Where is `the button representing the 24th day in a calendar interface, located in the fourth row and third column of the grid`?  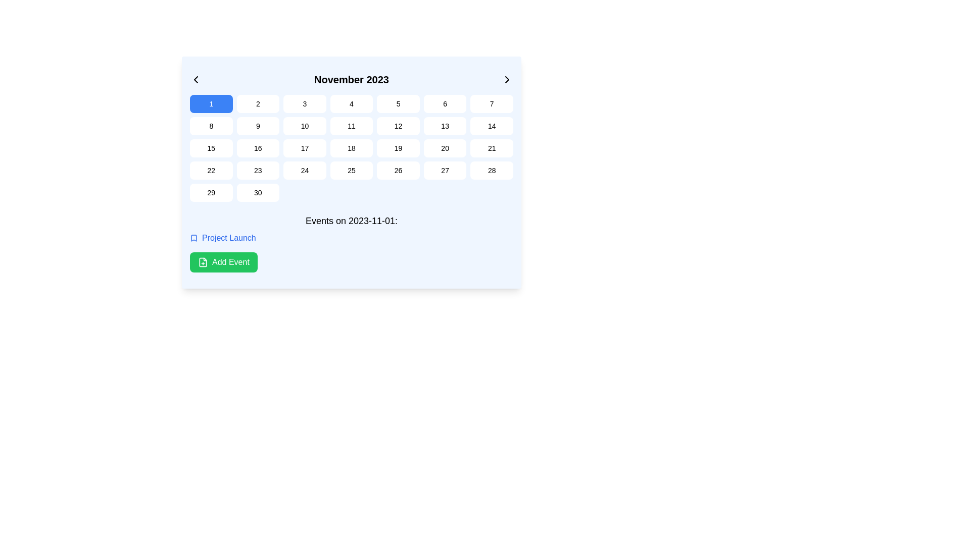
the button representing the 24th day in a calendar interface, located in the fourth row and third column of the grid is located at coordinates (304, 170).